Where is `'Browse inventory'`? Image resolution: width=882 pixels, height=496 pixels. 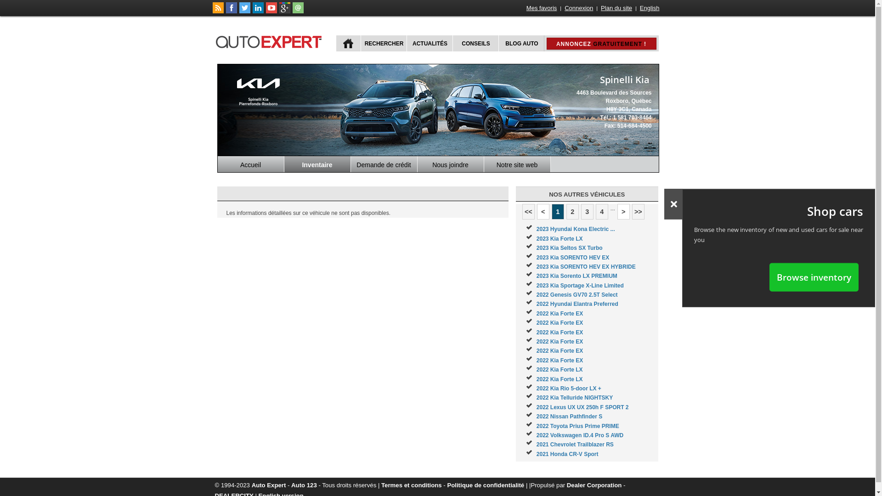
'Browse inventory' is located at coordinates (769, 276).